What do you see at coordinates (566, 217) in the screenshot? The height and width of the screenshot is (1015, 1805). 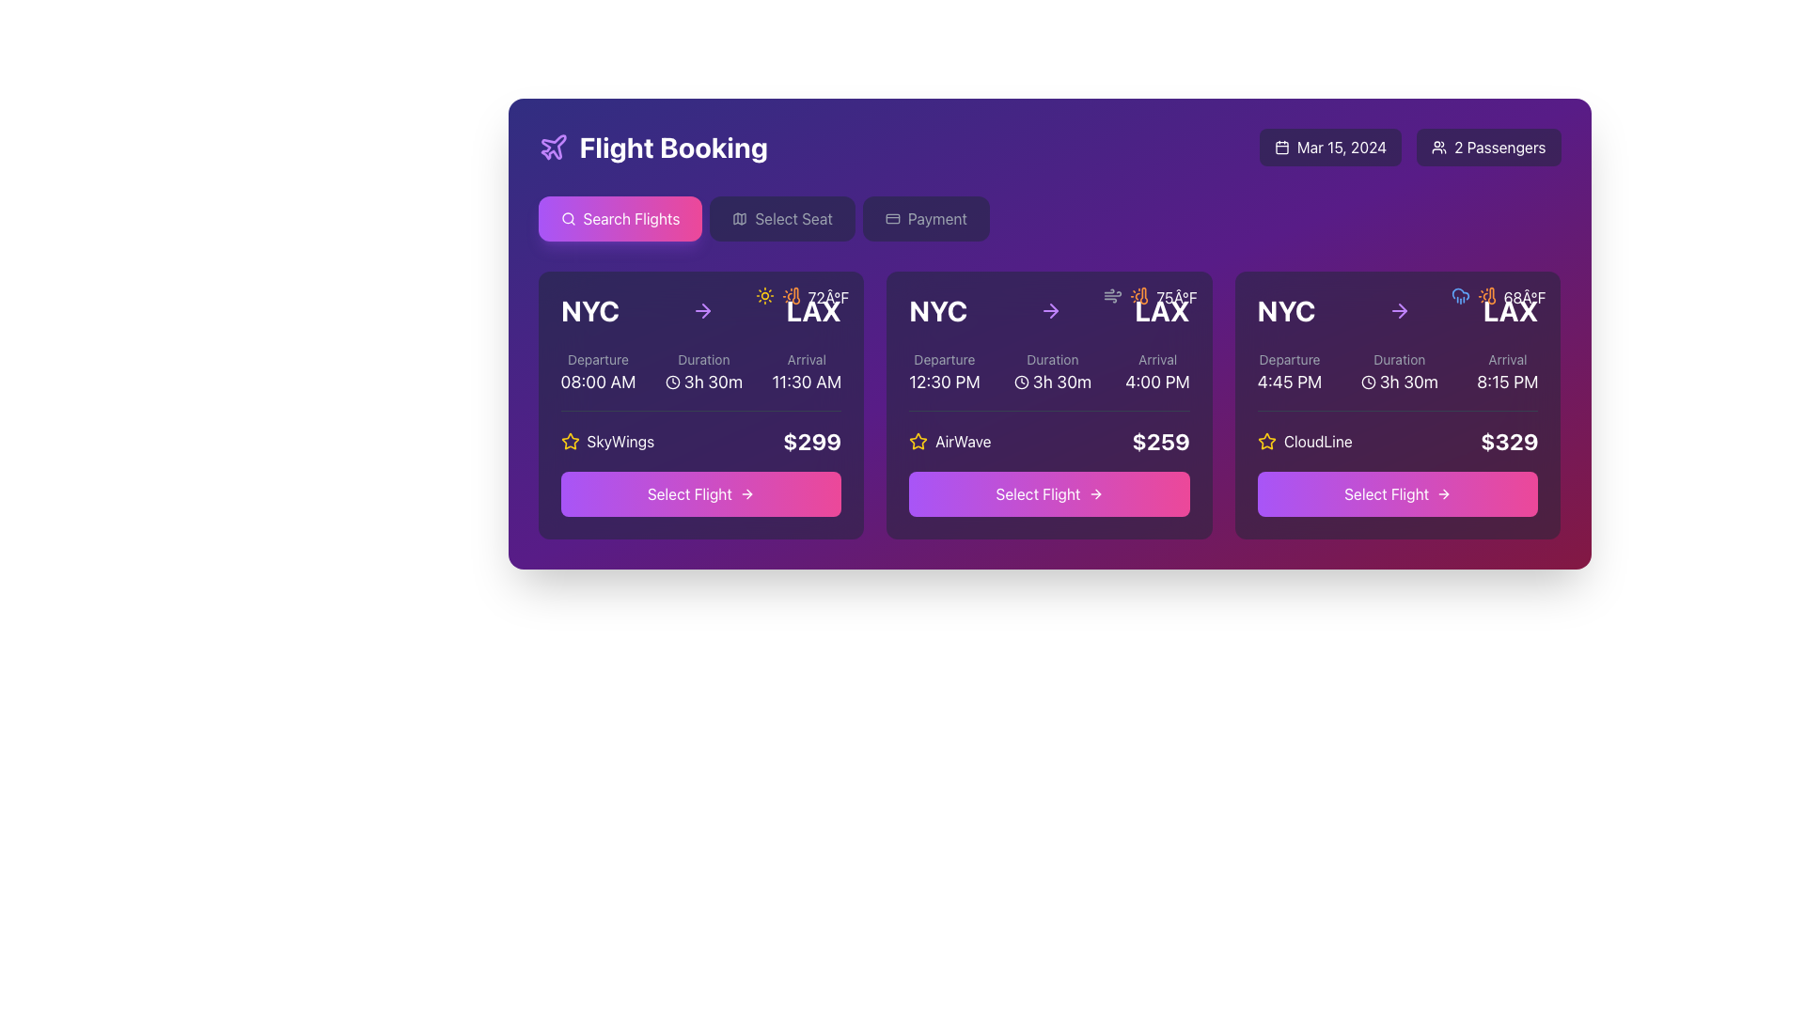 I see `the circular shape representing the main body of the magnifying glass icon in the SVG graphic` at bounding box center [566, 217].